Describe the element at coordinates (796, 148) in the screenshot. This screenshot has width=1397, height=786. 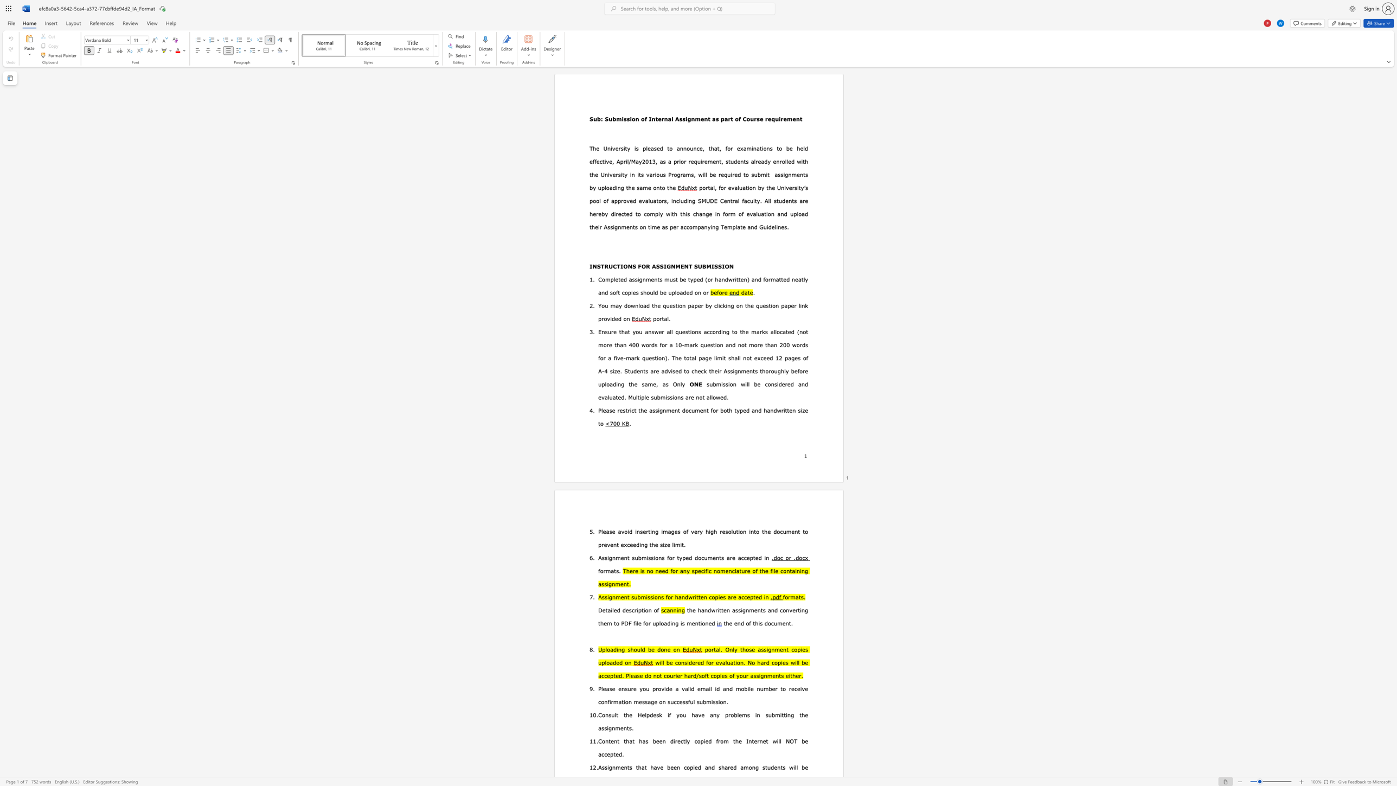
I see `the subset text "held eff" within the text ", for examinations to be held effective,"` at that location.